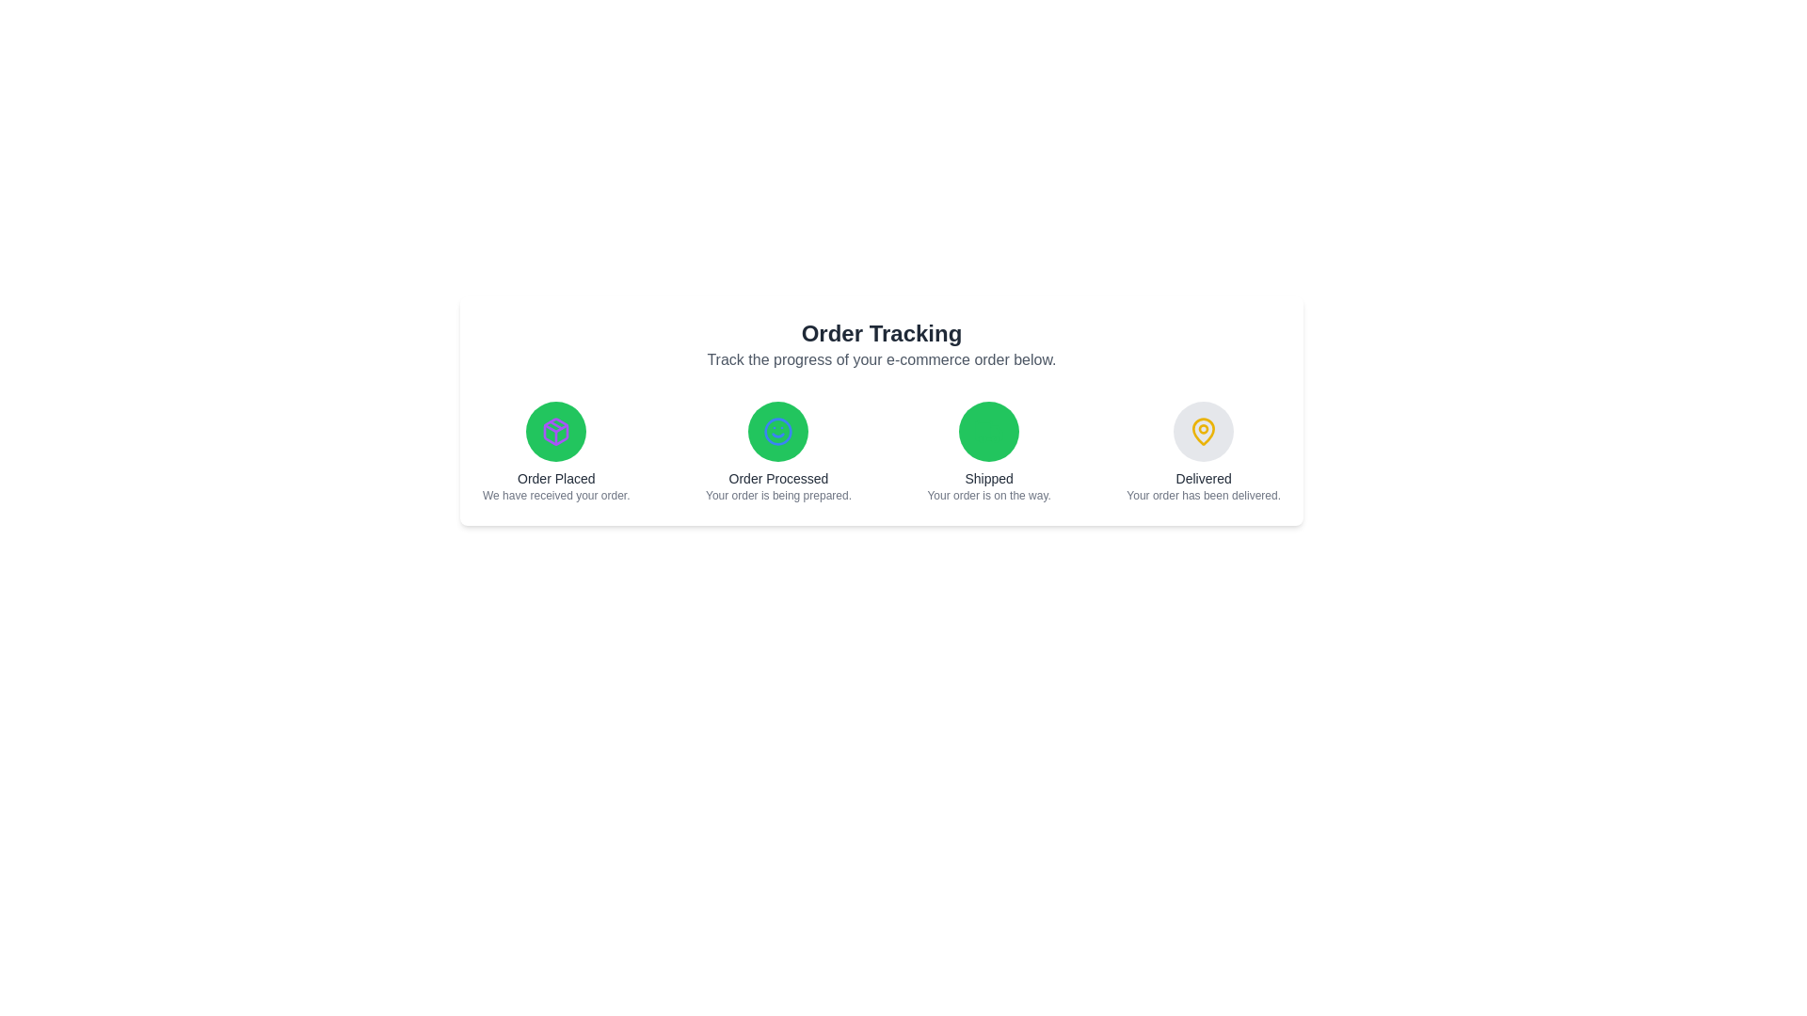 The height and width of the screenshot is (1016, 1807). Describe the element at coordinates (778, 452) in the screenshot. I see `text of the informational component indicating the order has been processed and is being prepared, located between the 'Order Placed' and 'Shipped' steps in the order progress tracker` at that location.